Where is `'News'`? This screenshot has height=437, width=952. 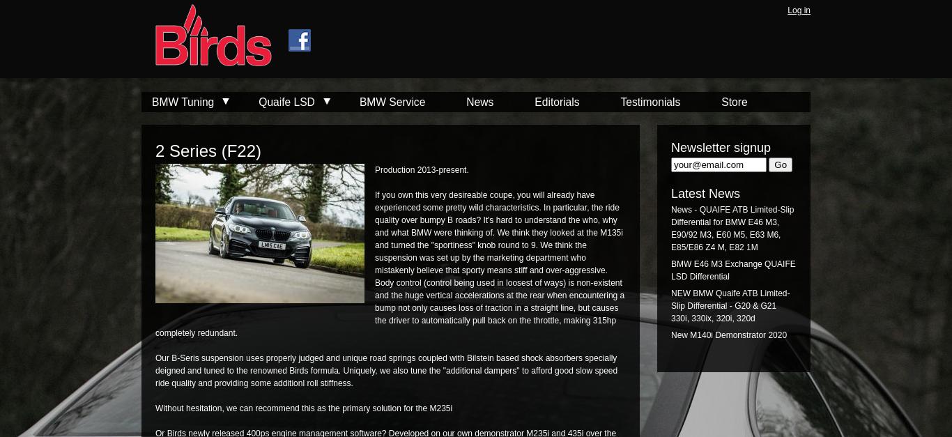 'News' is located at coordinates (466, 101).